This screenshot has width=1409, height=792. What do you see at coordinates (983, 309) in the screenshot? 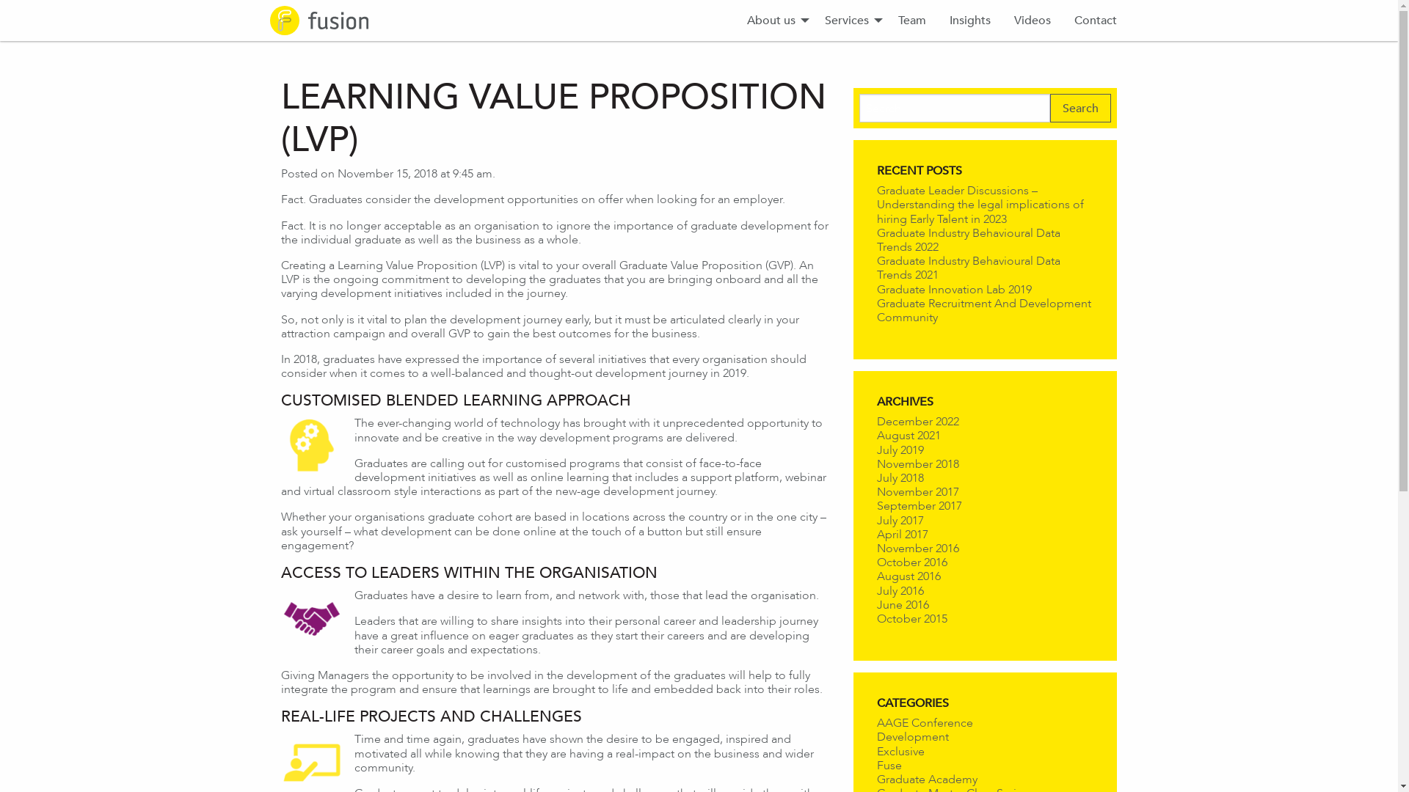
I see `'Graduate Recruitment And Development Community'` at bounding box center [983, 309].